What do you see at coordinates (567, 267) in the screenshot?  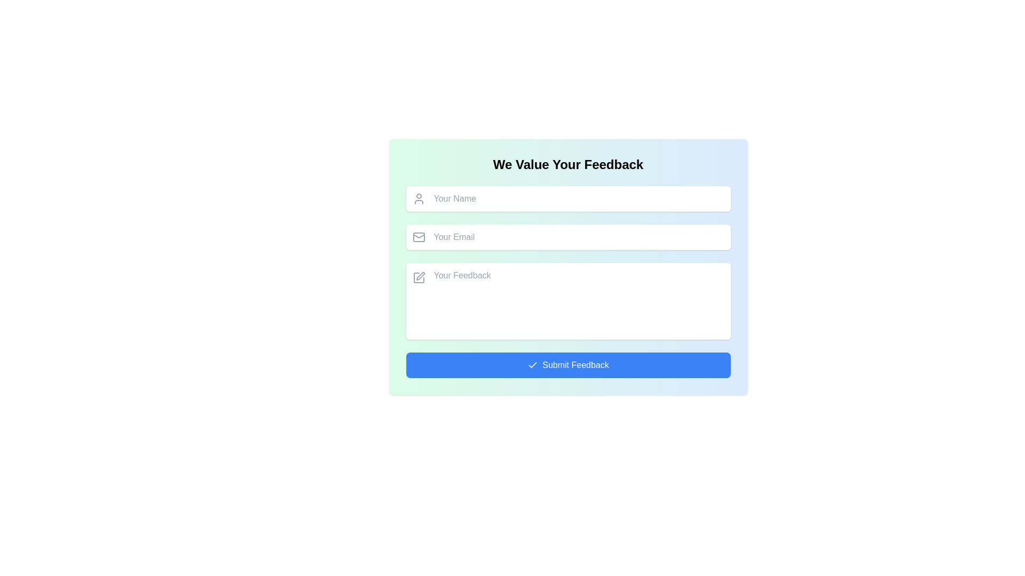 I see `the textarea input box for feedback, which has a white background and rounded corners` at bounding box center [567, 267].